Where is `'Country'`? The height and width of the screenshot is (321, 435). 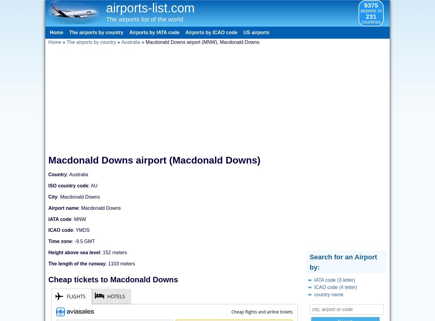 'Country' is located at coordinates (57, 174).